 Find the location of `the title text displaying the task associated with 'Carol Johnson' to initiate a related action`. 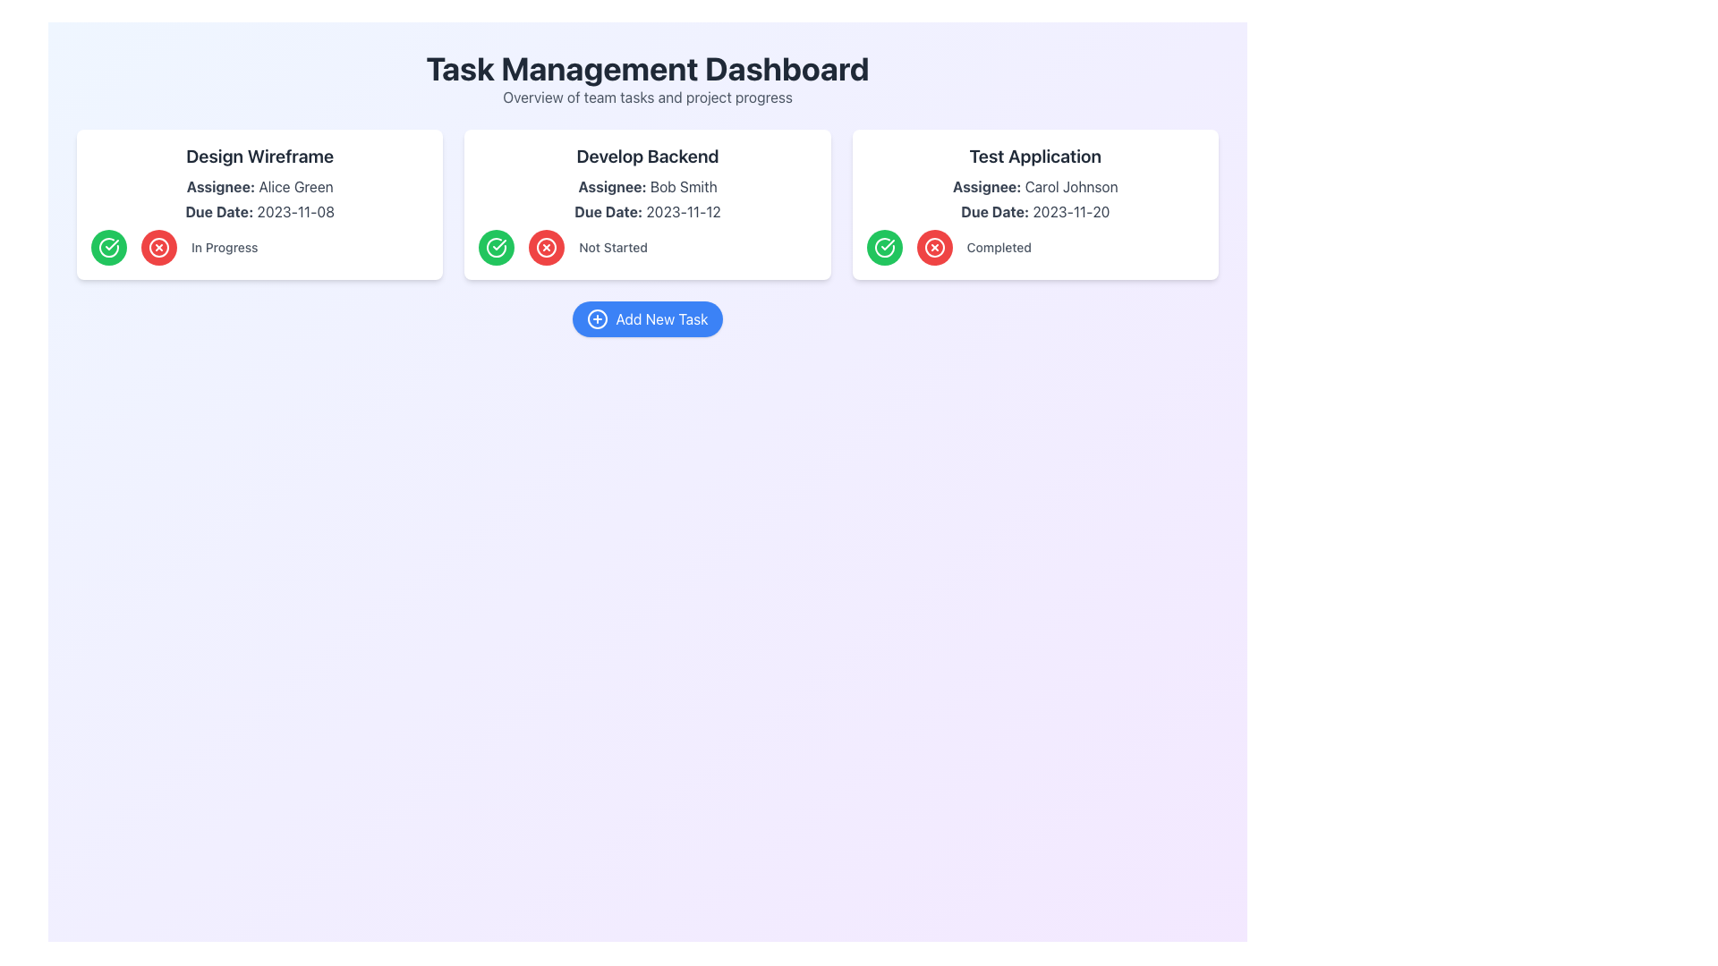

the title text displaying the task associated with 'Carol Johnson' to initiate a related action is located at coordinates (1034, 155).